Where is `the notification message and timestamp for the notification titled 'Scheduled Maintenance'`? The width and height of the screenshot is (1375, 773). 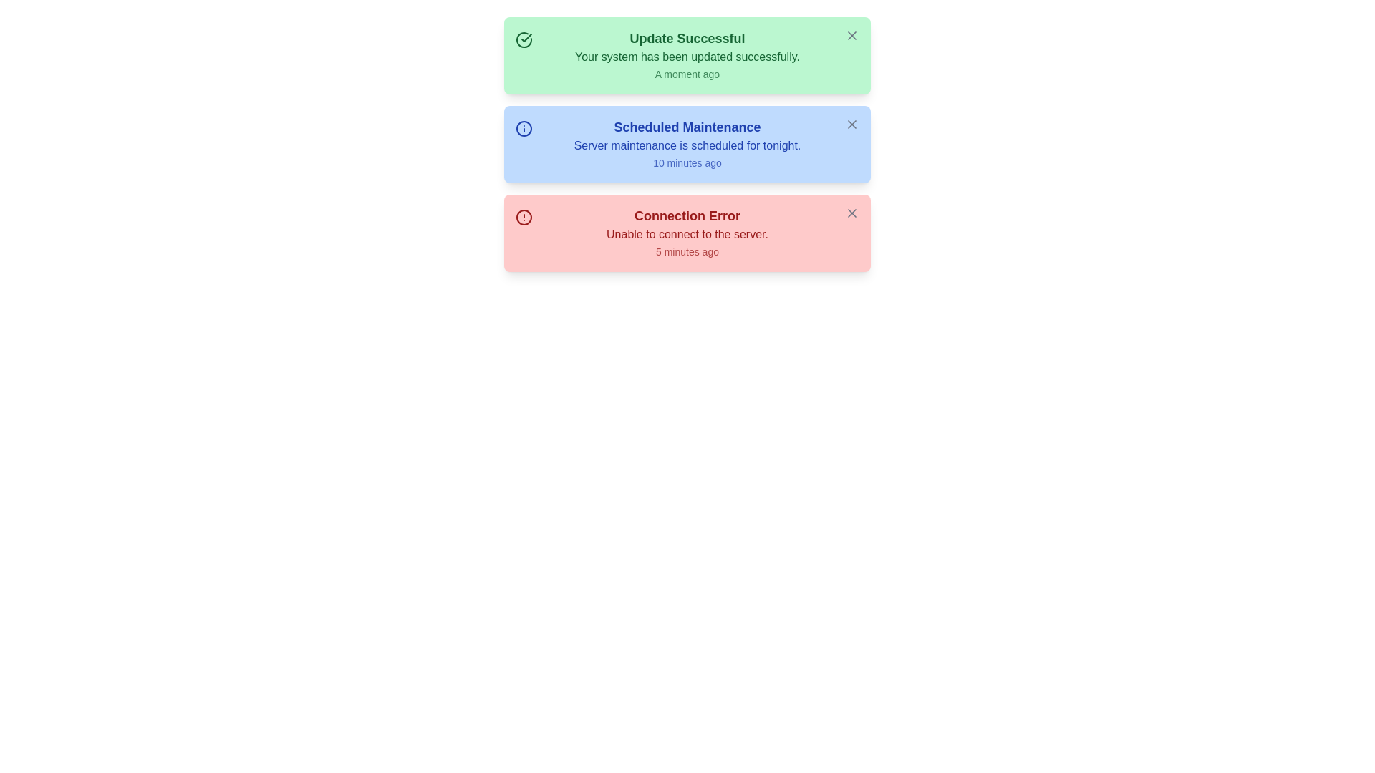
the notification message and timestamp for the notification titled 'Scheduled Maintenance' is located at coordinates (687, 144).